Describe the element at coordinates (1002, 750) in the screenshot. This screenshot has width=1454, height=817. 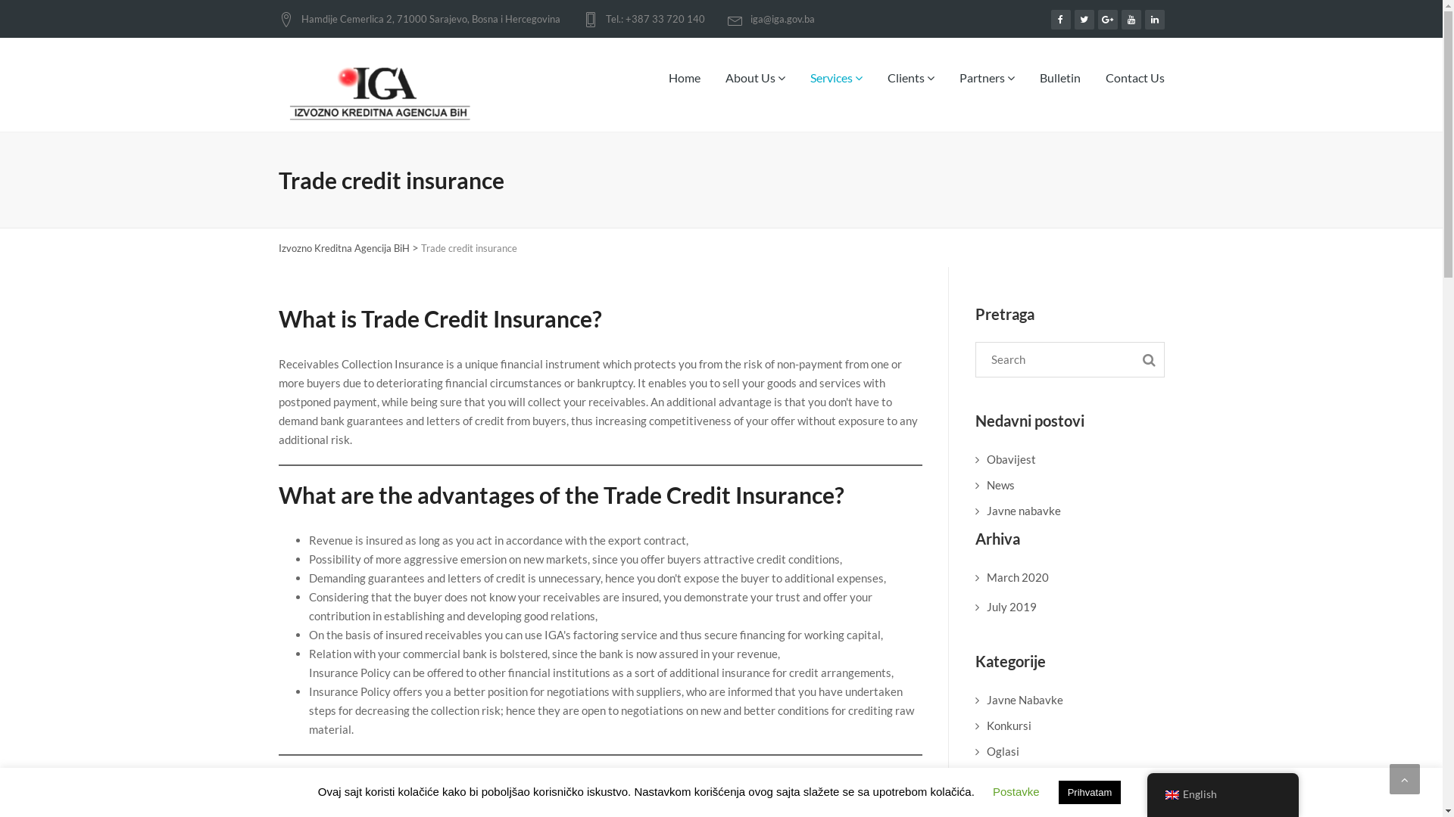
I see `'Oglasi'` at that location.